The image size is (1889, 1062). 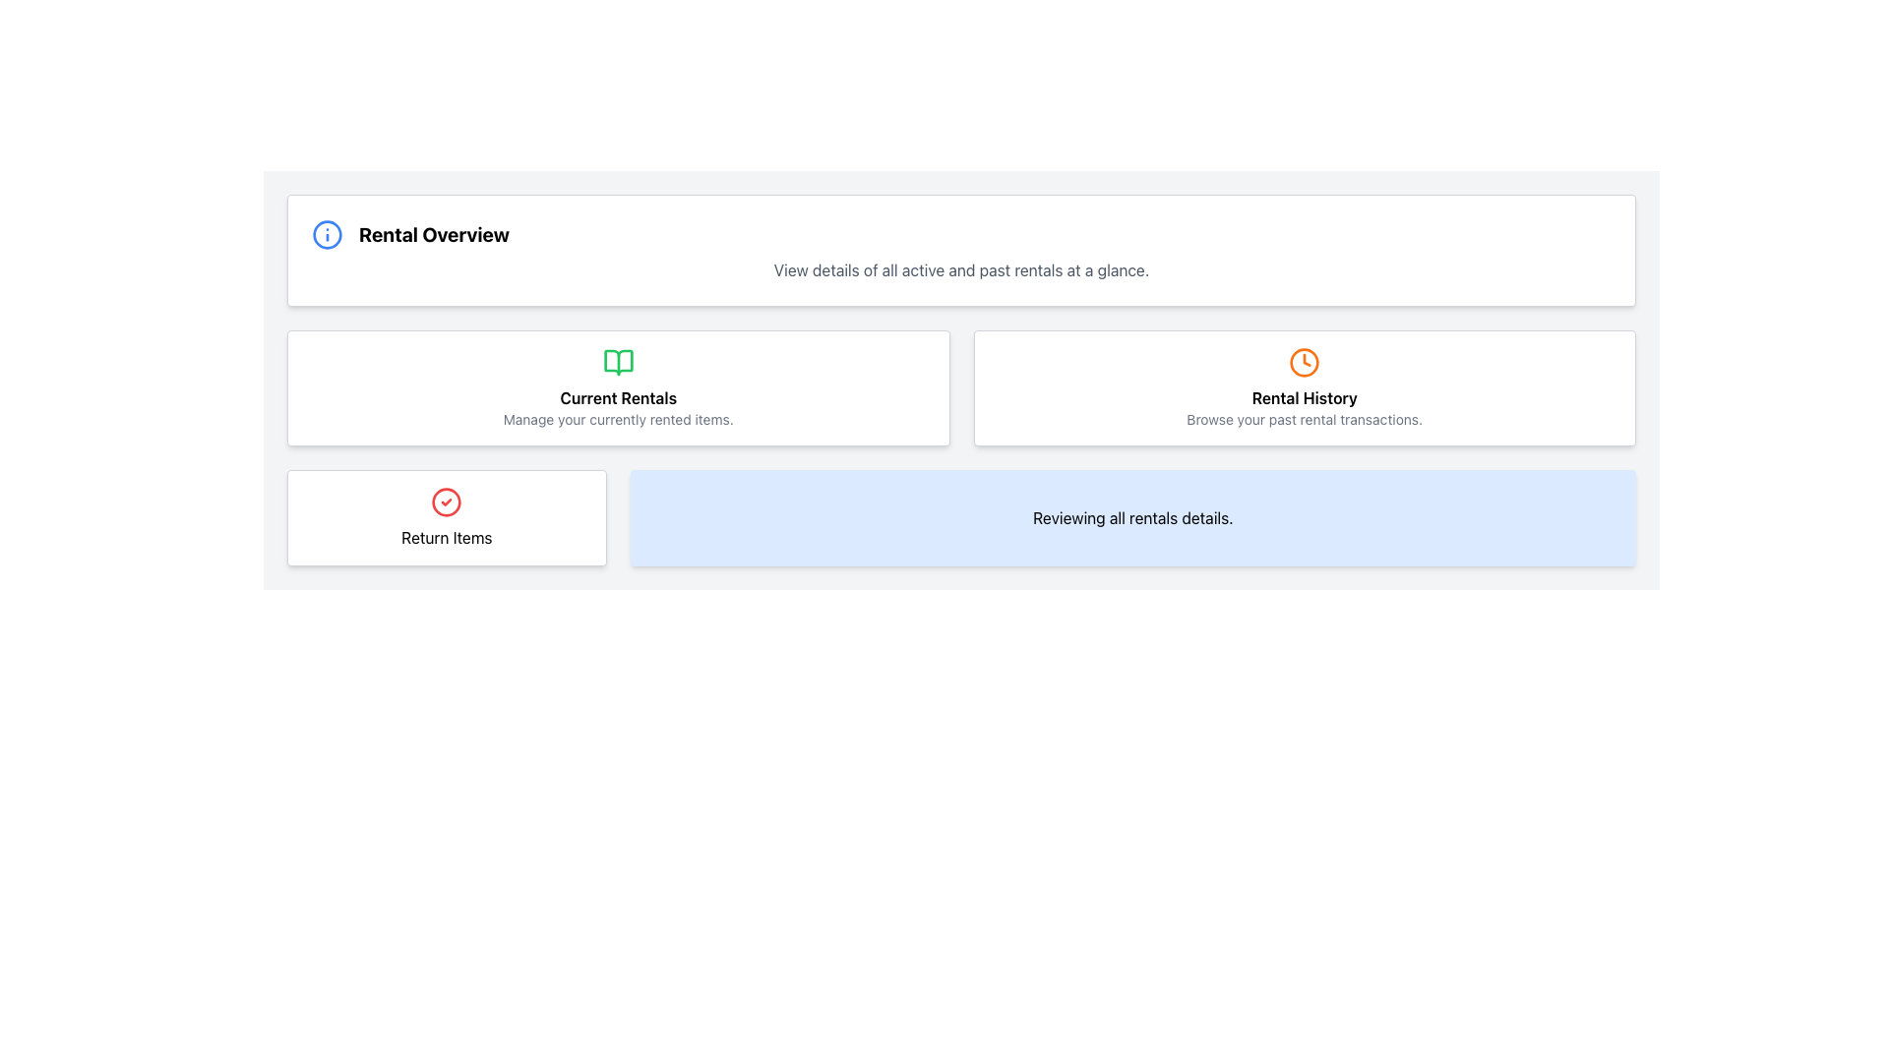 I want to click on the circular clock icon with an orange outline and hands located above the 'Rental History' heading in the Rental History card, so click(x=1305, y=363).